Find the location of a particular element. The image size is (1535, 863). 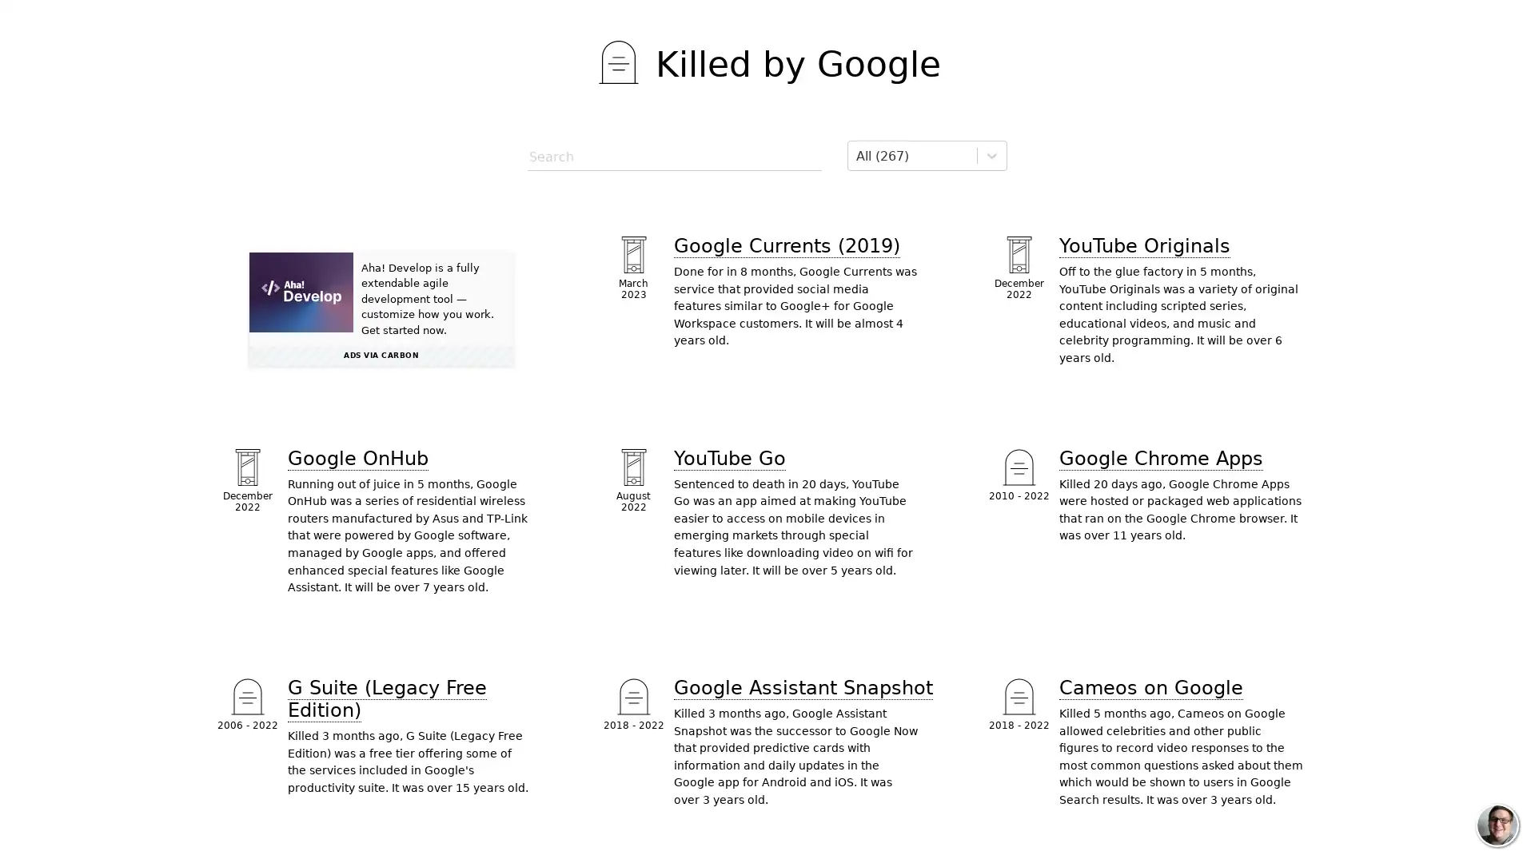

Cody Ogden Open Calling Card is located at coordinates (1496, 825).